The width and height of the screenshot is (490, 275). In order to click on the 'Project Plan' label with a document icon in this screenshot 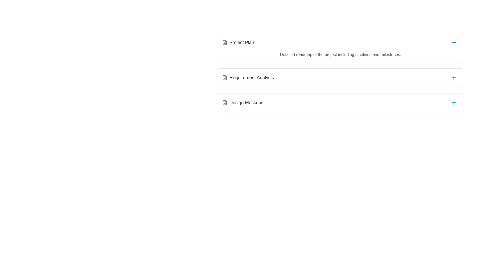, I will do `click(238, 42)`.